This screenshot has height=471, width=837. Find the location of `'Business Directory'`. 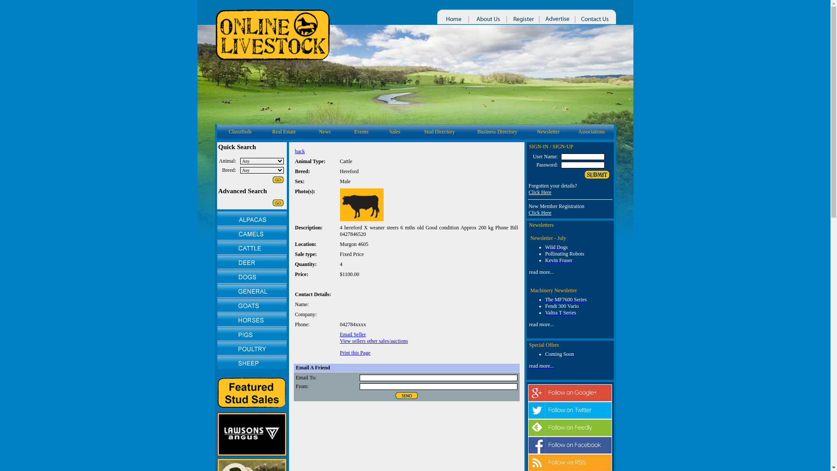

'Business Directory' is located at coordinates (476, 131).